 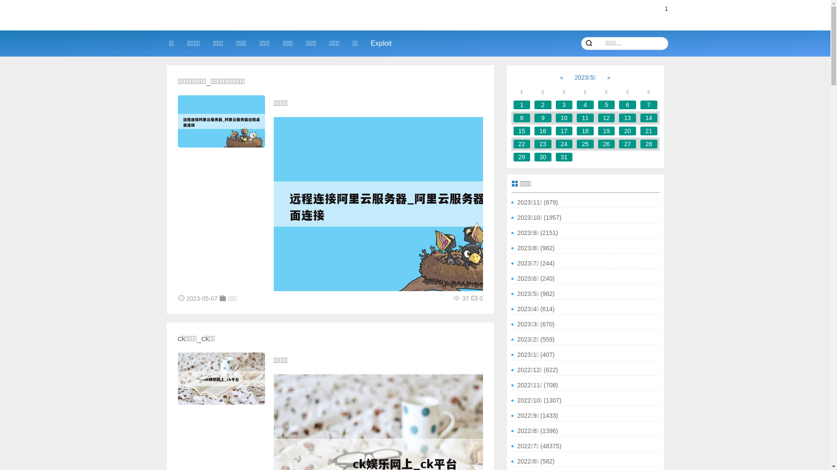 What do you see at coordinates (606, 104) in the screenshot?
I see `'5'` at bounding box center [606, 104].